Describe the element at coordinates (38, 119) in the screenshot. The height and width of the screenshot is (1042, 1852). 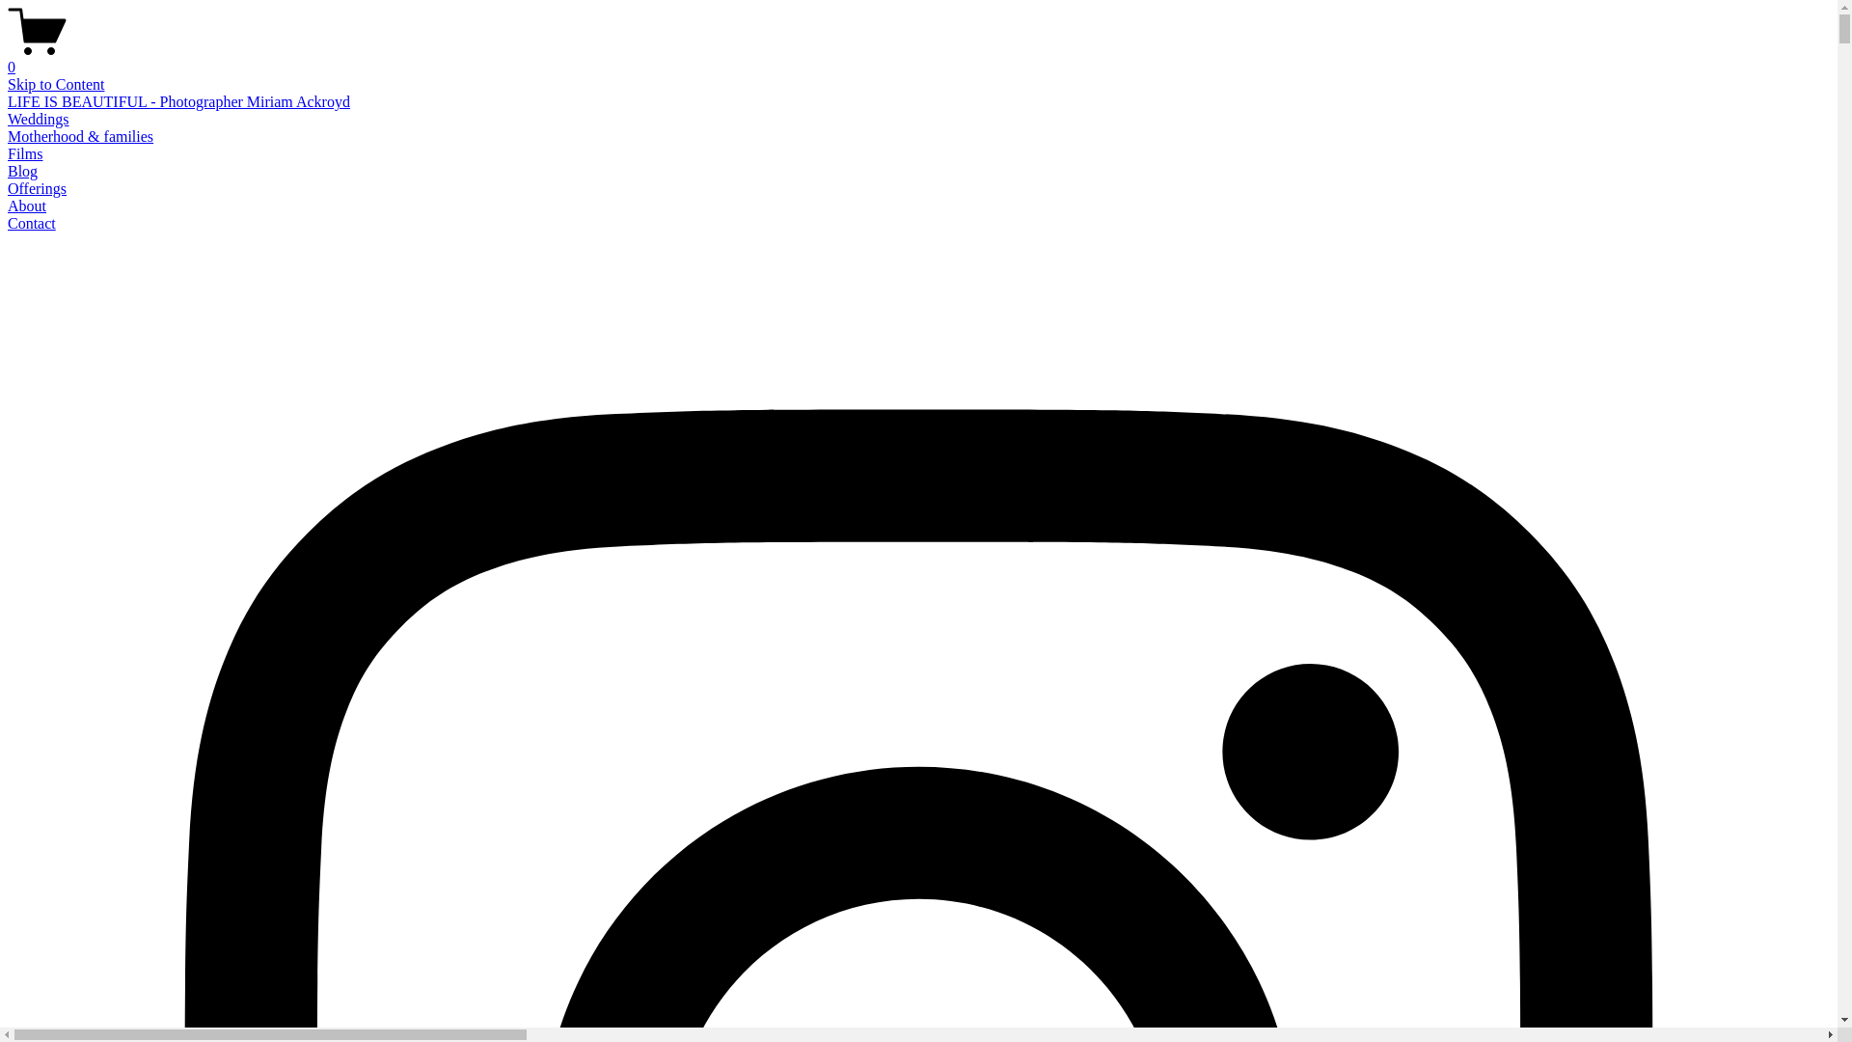
I see `'Weddings'` at that location.